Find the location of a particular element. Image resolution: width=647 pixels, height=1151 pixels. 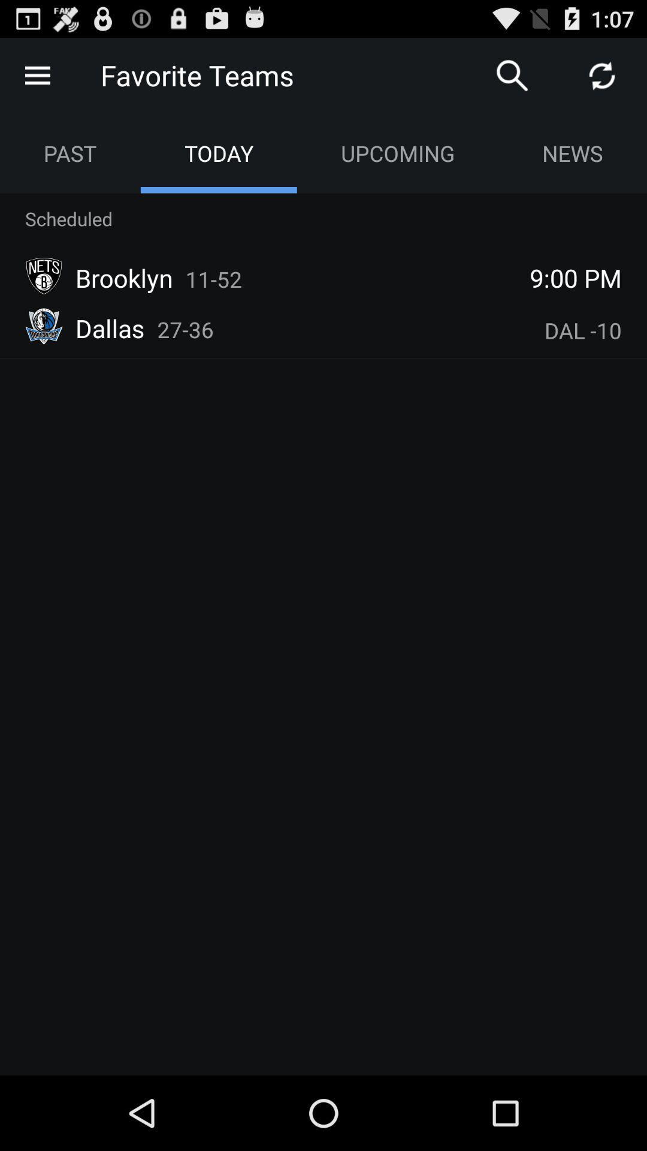

the search icon is located at coordinates (512, 80).